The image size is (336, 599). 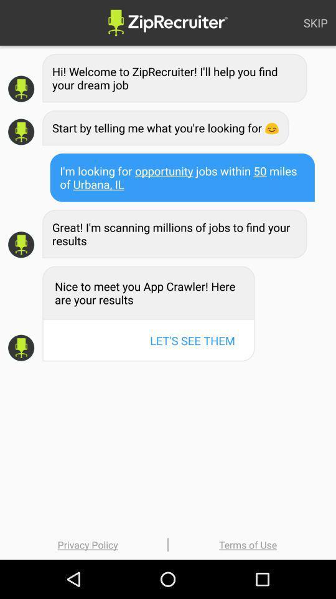 I want to click on skip item, so click(x=315, y=22).